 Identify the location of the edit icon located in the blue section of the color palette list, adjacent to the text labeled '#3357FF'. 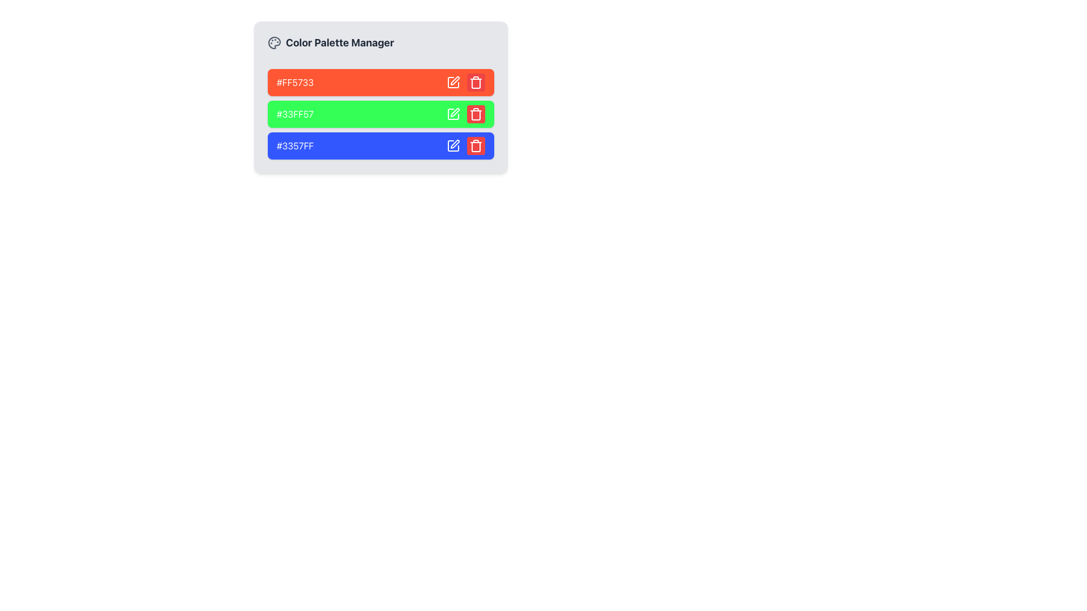
(453, 145).